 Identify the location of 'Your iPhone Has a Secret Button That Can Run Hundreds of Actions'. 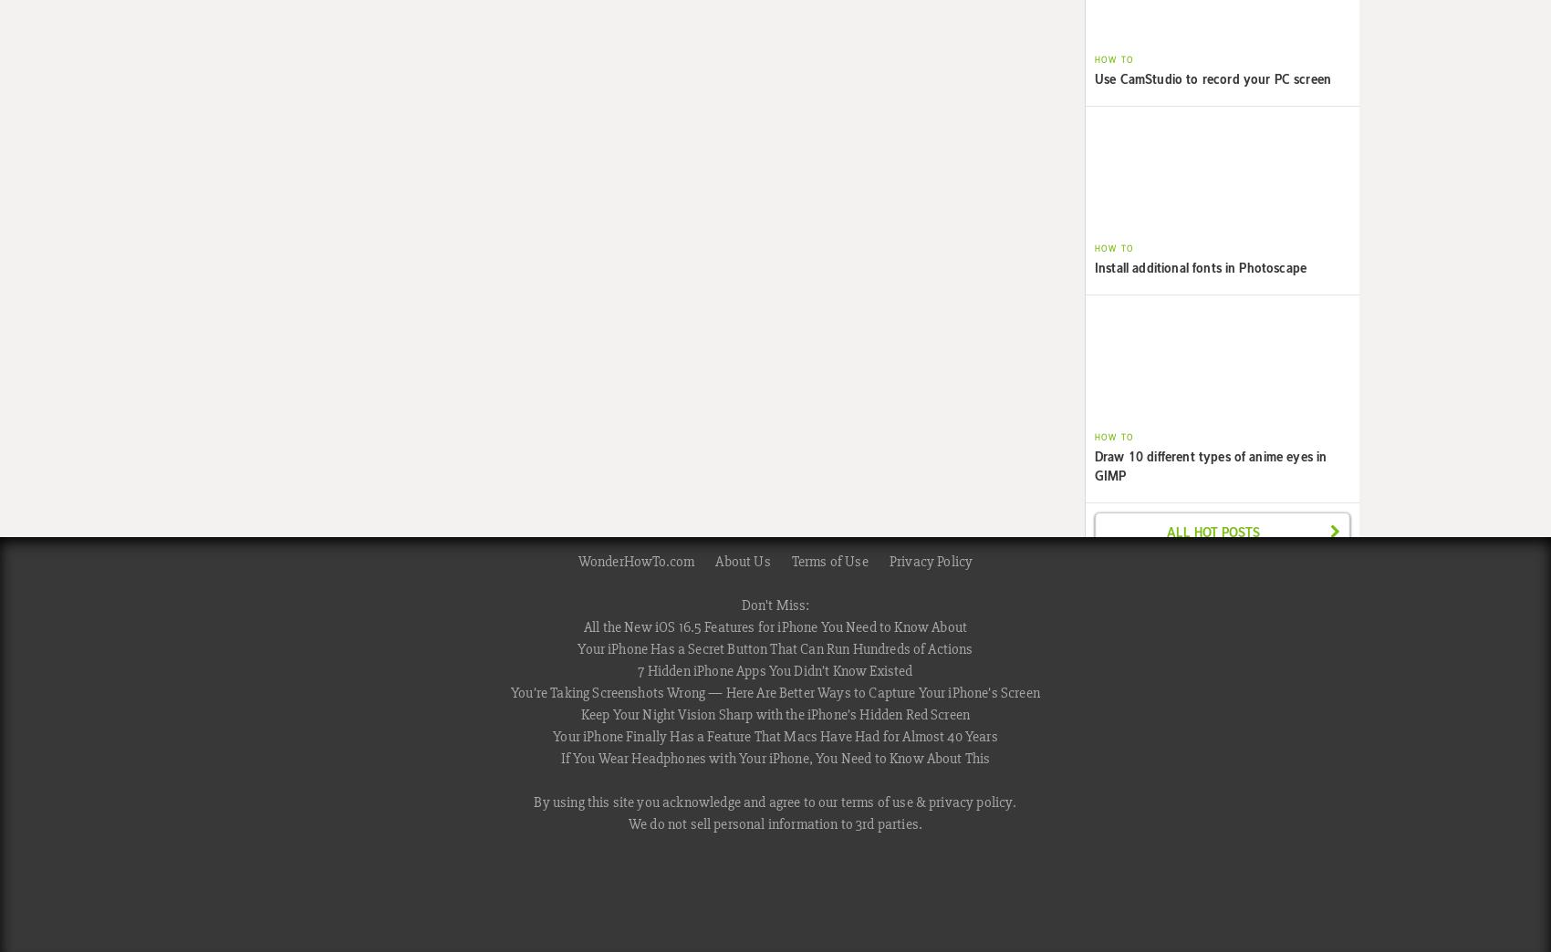
(774, 648).